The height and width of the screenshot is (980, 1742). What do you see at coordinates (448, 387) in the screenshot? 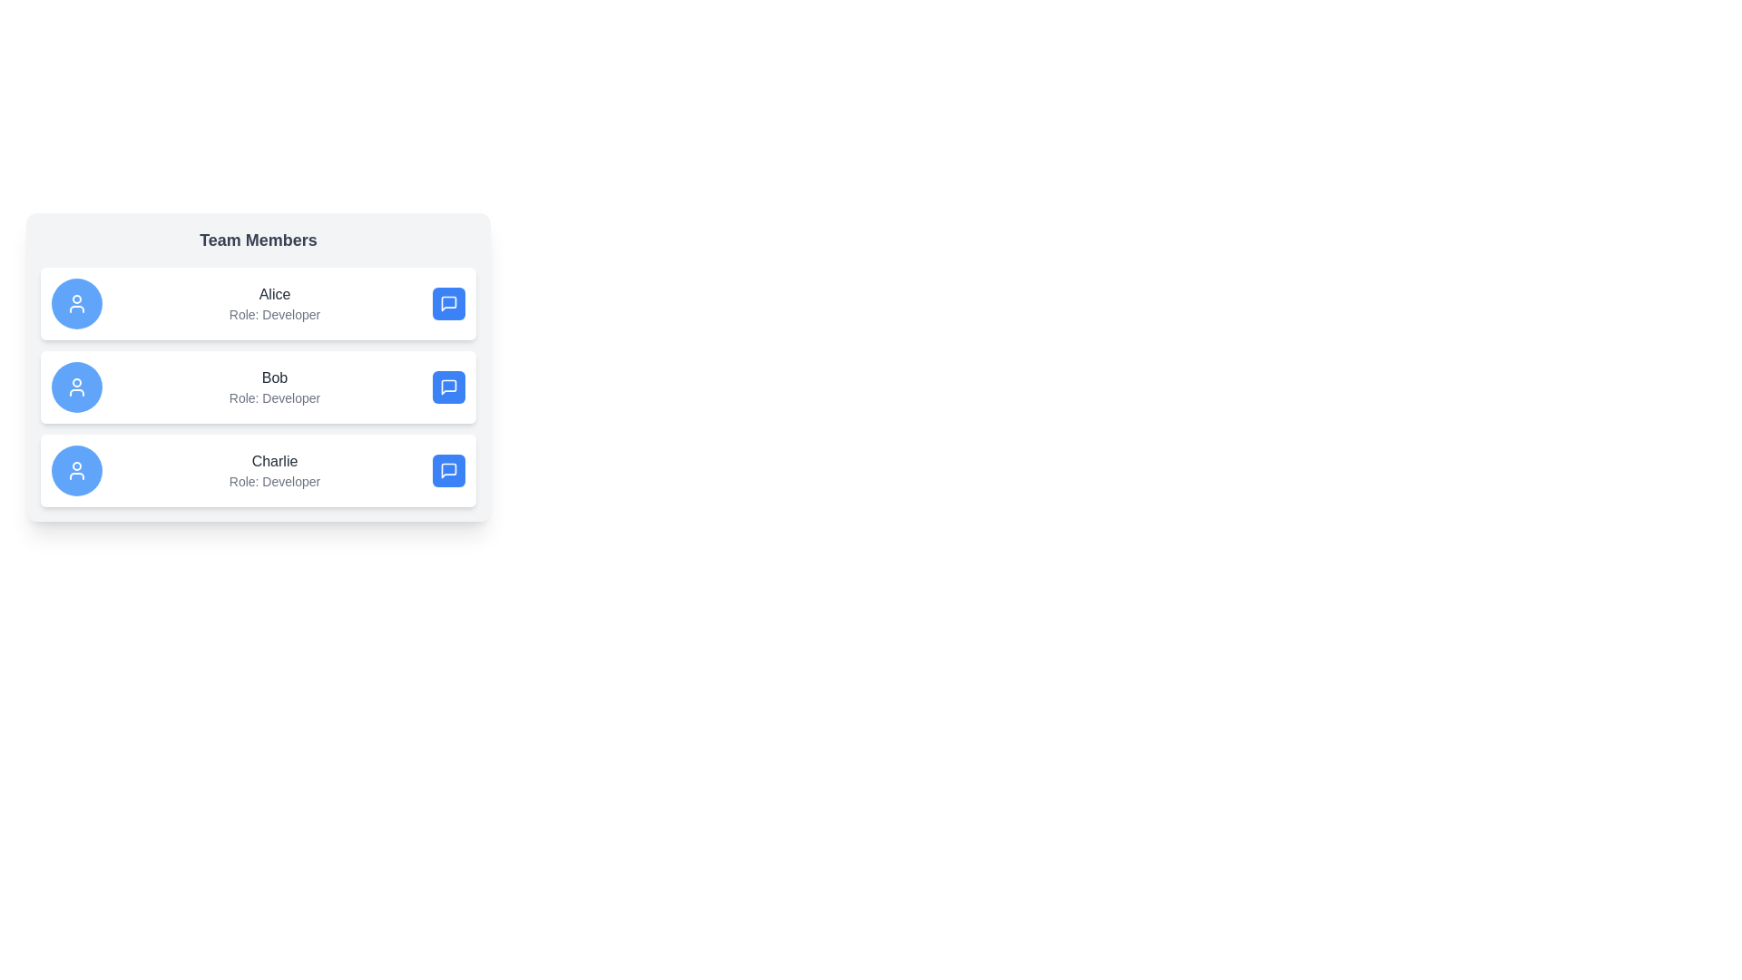
I see `the speech bubble icon located inside the button aligned to the right of the row containing 'Bob' to initiate a chat` at bounding box center [448, 387].